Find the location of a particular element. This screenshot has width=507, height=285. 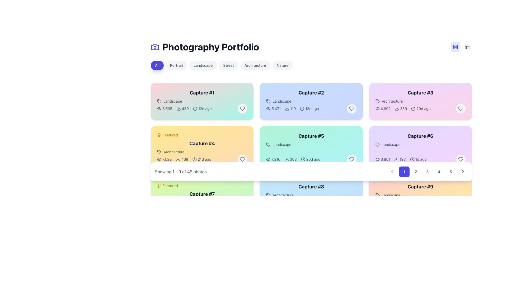

the text label displaying 'Capture #8' that is styled with a bold font and located in a light blue background block, positioned in the third row and second column of the portfolio grid layout is located at coordinates (311, 190).